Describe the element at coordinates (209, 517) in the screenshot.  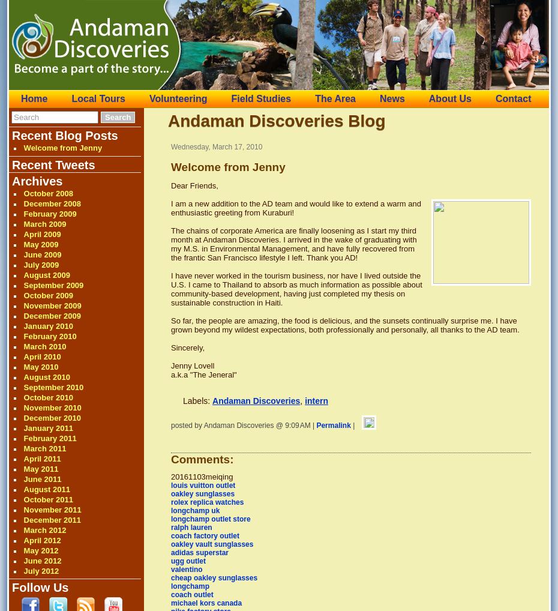
I see `'longchamp outlet store'` at that location.